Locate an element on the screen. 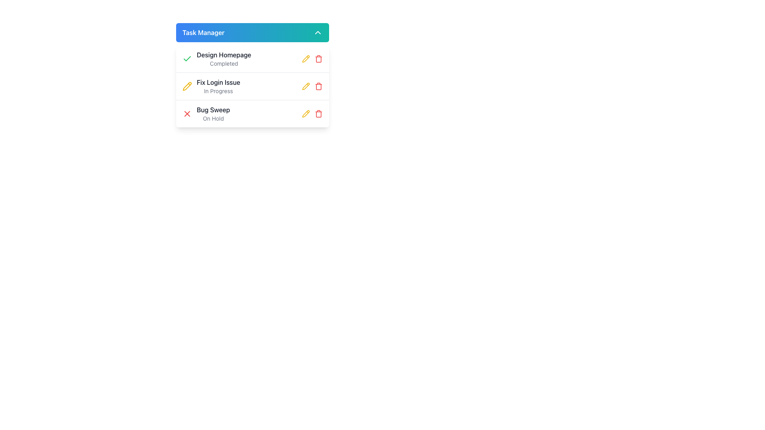  text displayed for the task named 'Fix Login Issue' with status 'In Progress', which is the second task item in the task list under the 'Task Manager' header is located at coordinates (218, 86).